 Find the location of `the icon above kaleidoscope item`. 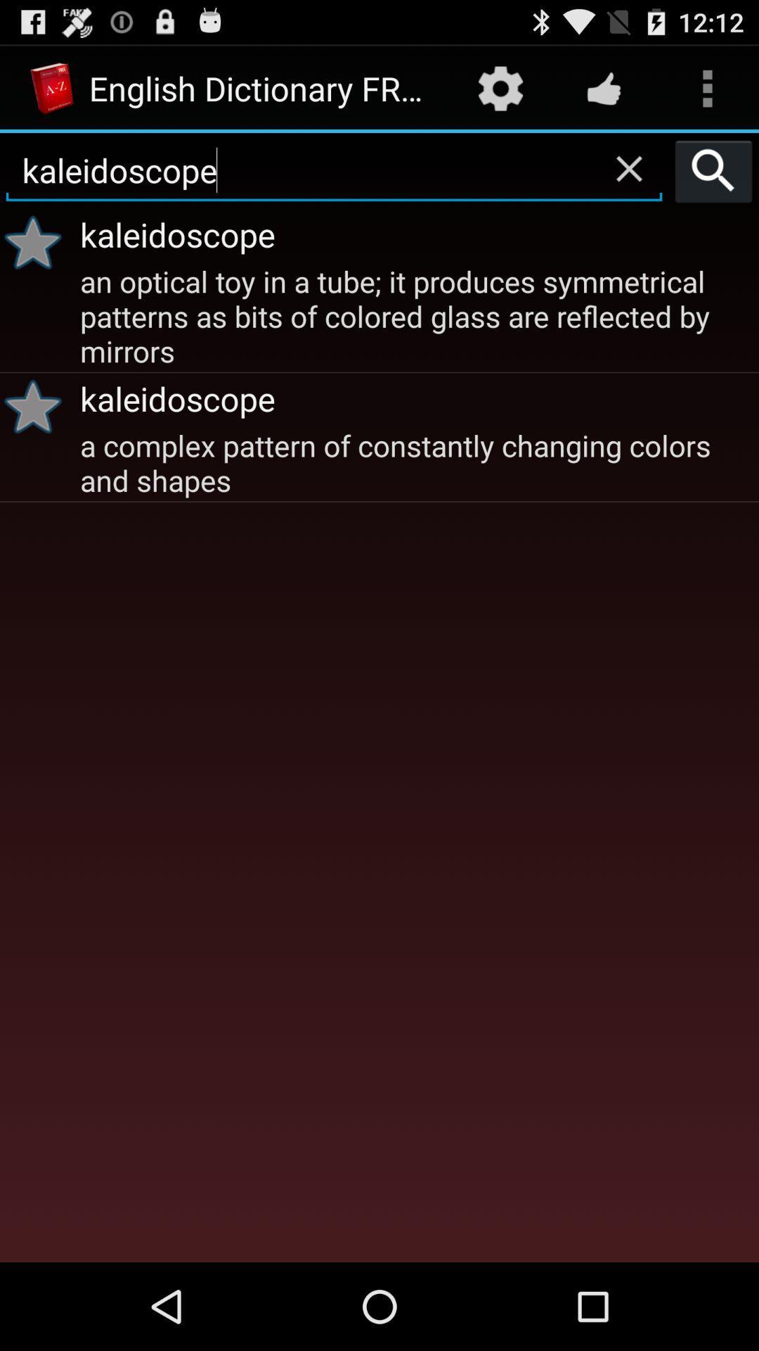

the icon above kaleidoscope item is located at coordinates (603, 87).